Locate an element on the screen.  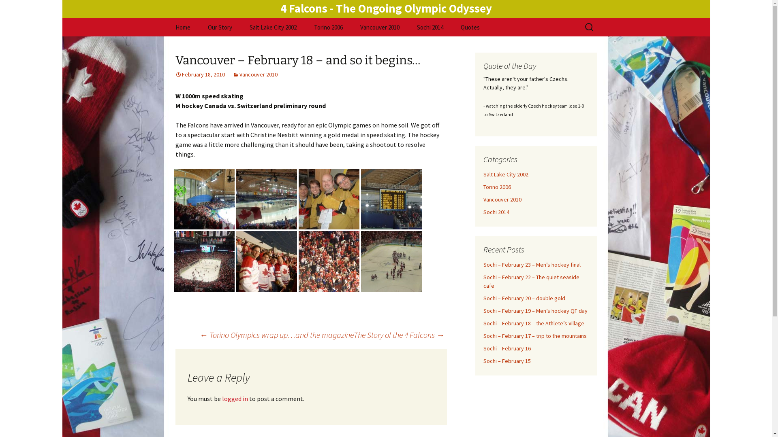
'Salt Lake City 2002' is located at coordinates (505, 174).